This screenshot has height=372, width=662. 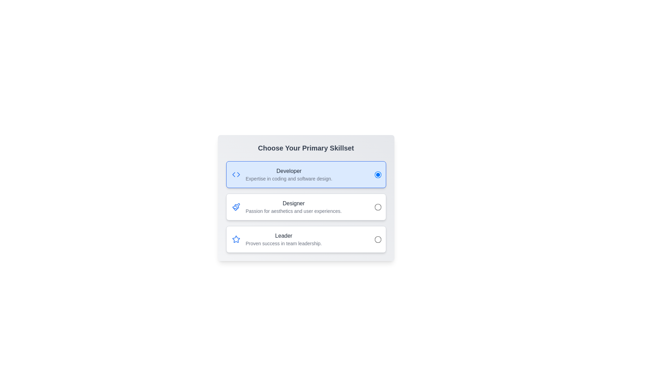 What do you see at coordinates (236, 174) in the screenshot?
I see `the blue coding brackets icon located at the left edge of the 'Developer' selection box, which is the first option in a vertical list of three` at bounding box center [236, 174].